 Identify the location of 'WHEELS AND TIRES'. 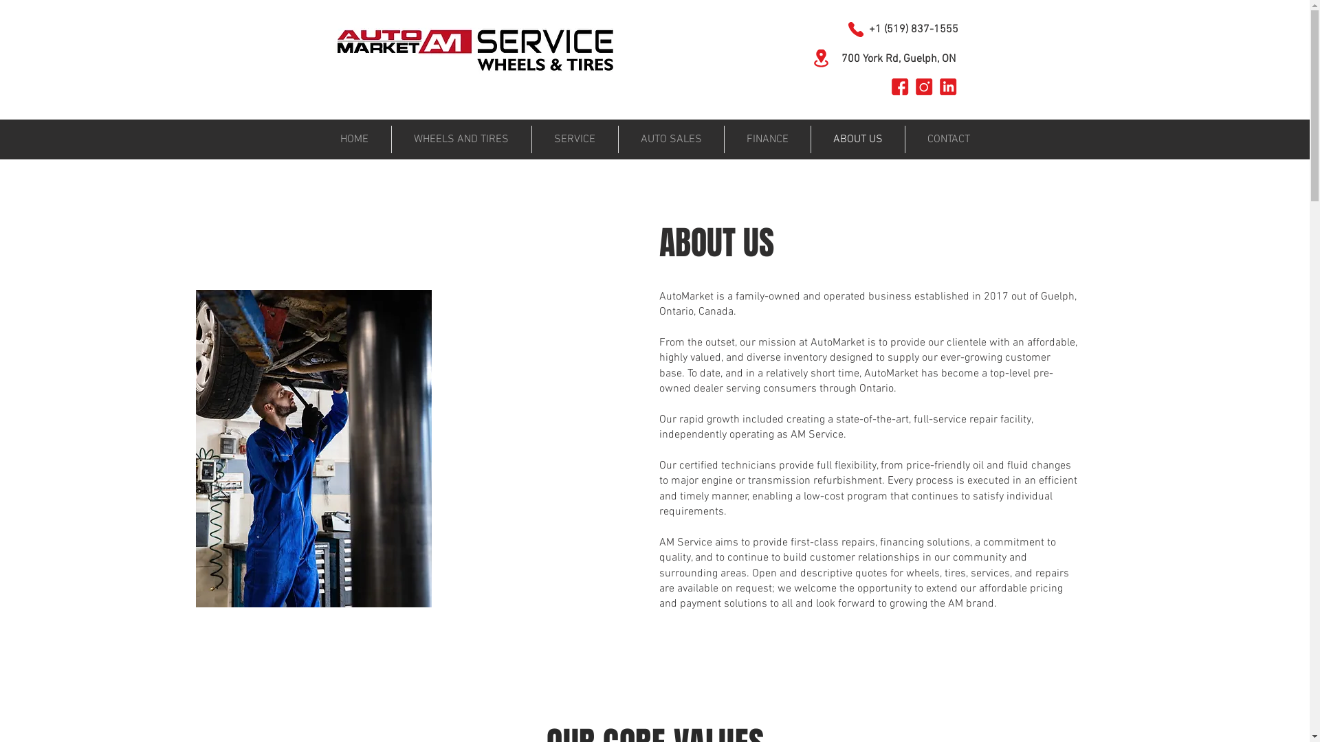
(461, 139).